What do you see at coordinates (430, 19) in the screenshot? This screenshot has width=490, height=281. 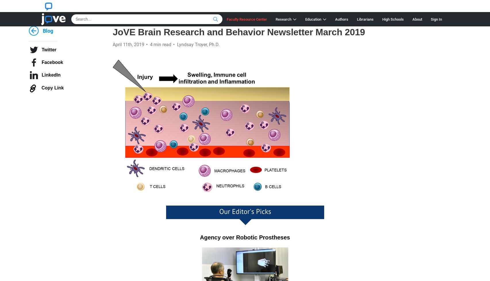 I see `'Sign In'` at bounding box center [430, 19].